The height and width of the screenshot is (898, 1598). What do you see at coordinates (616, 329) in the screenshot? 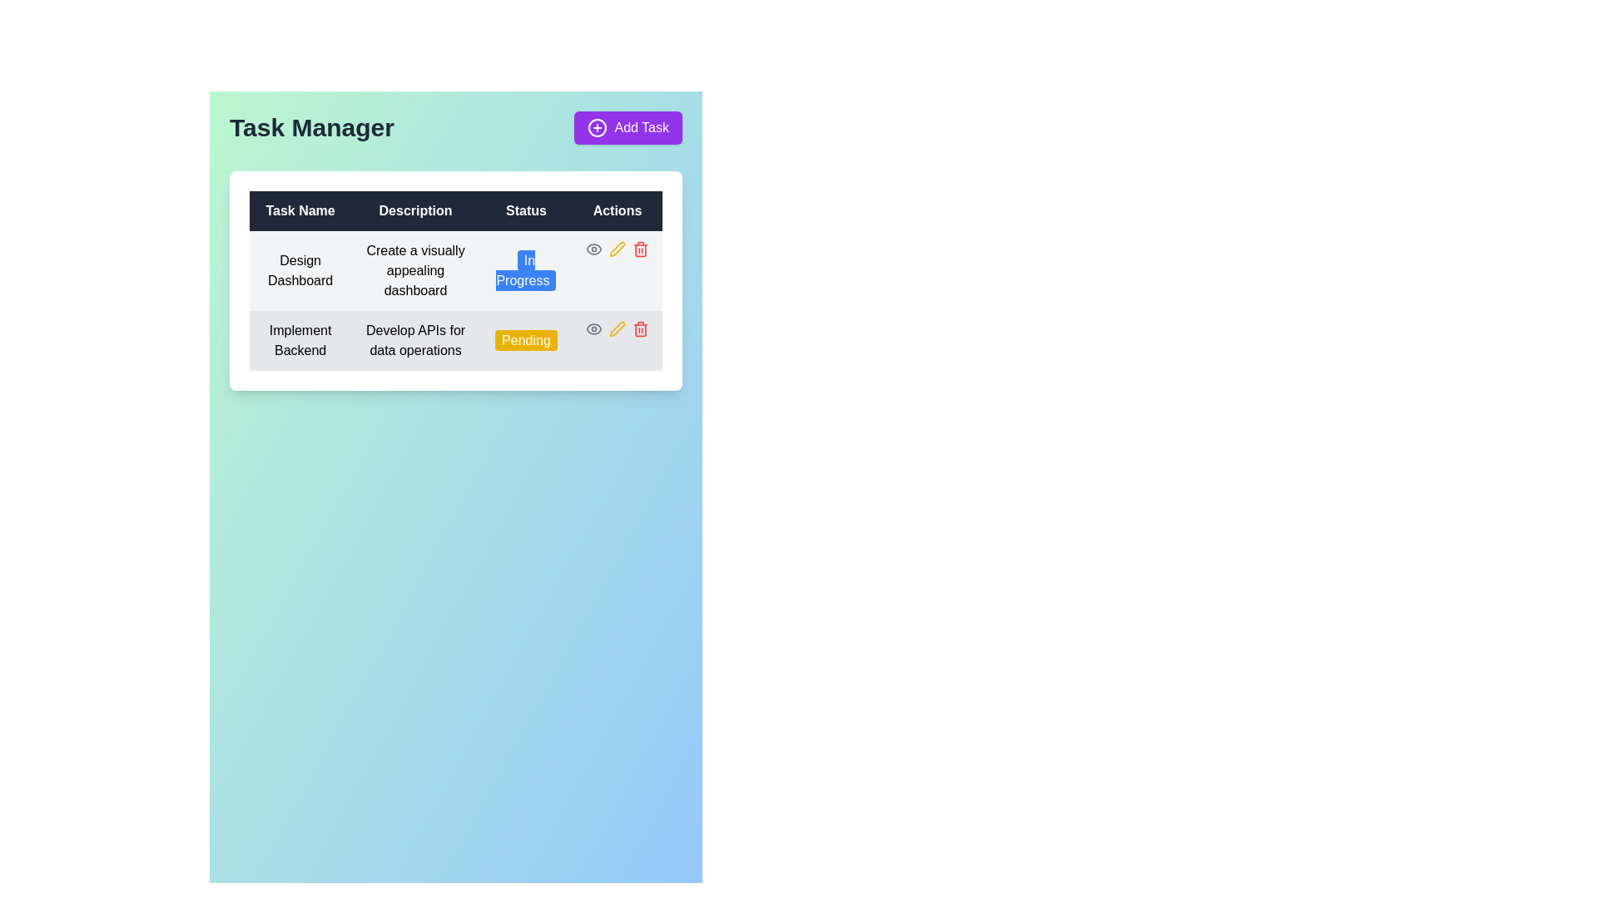
I see `the pencil icon button located in the 'Actions' column for the 'Implement Backend' row` at bounding box center [616, 329].